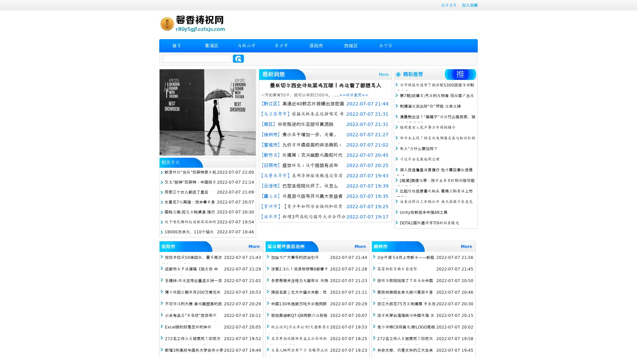 The width and height of the screenshot is (637, 358). What do you see at coordinates (238, 58) in the screenshot?
I see `Search` at bounding box center [238, 58].